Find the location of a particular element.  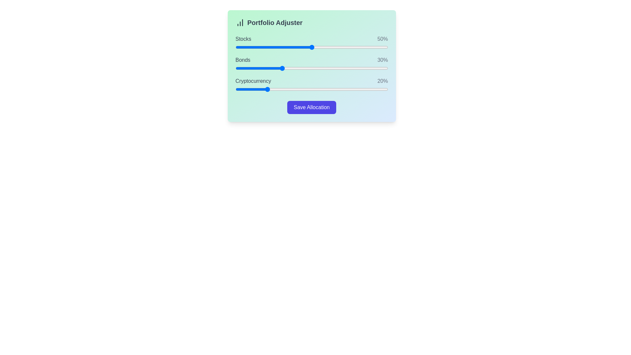

the 'Portfolio Adjuster' header is located at coordinates (311, 22).